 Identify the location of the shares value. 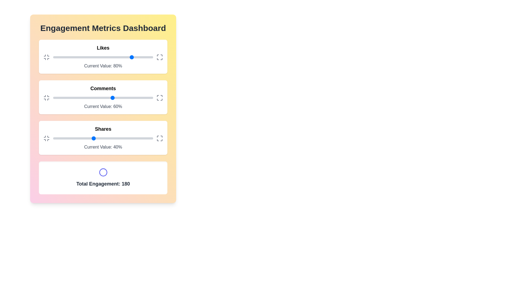
(64, 138).